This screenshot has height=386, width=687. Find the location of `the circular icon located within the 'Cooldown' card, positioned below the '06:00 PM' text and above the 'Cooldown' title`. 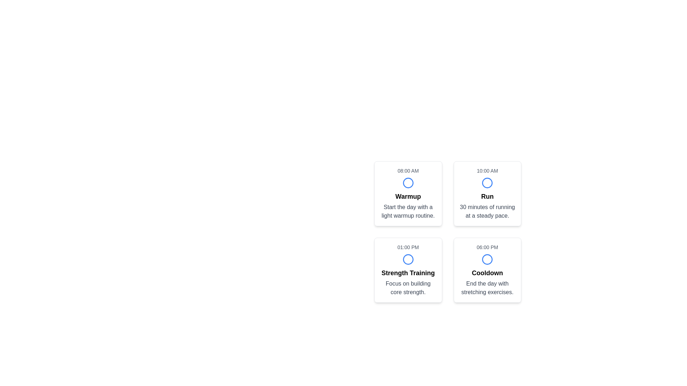

the circular icon located within the 'Cooldown' card, positioned below the '06:00 PM' text and above the 'Cooldown' title is located at coordinates (487, 259).